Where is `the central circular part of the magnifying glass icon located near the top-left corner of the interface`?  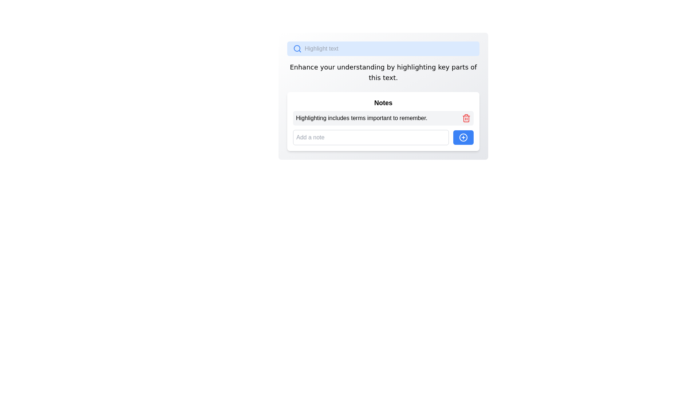
the central circular part of the magnifying glass icon located near the top-left corner of the interface is located at coordinates (297, 48).